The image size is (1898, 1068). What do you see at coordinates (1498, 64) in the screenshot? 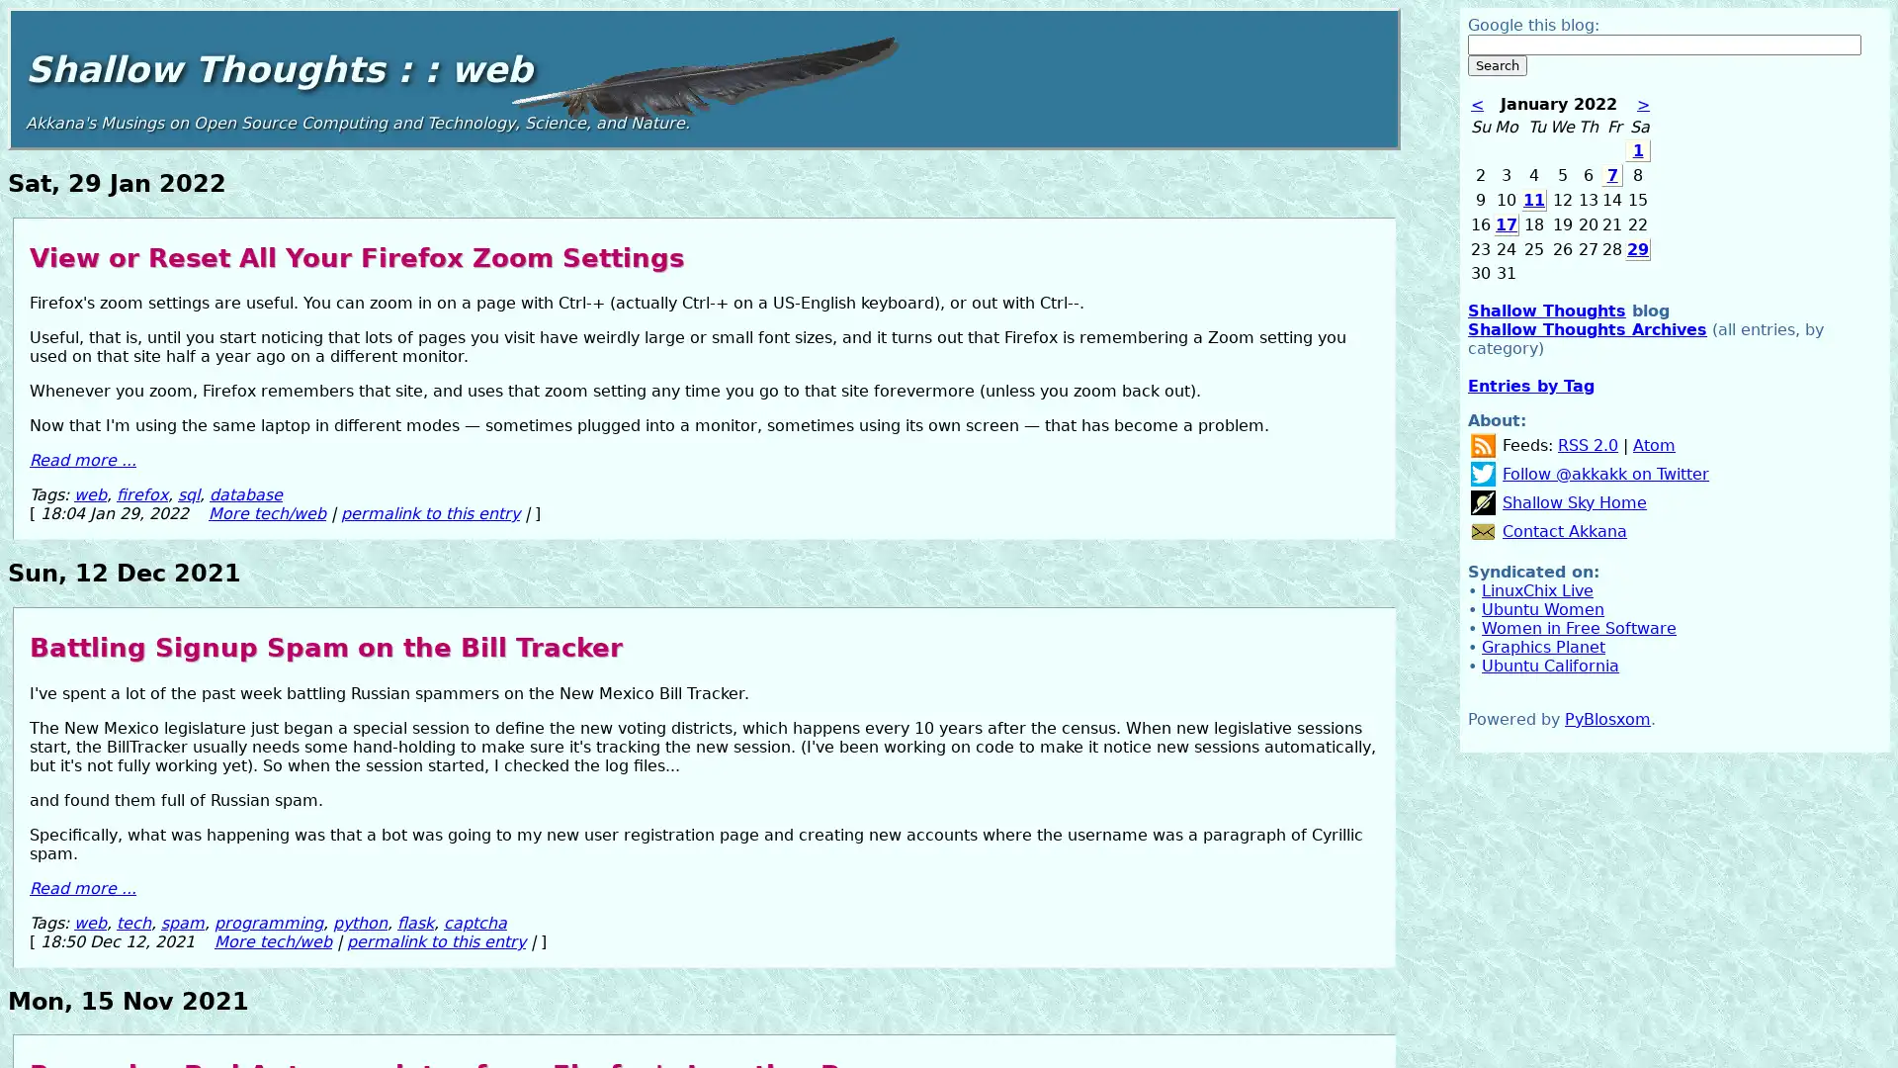
I see `Search` at bounding box center [1498, 64].